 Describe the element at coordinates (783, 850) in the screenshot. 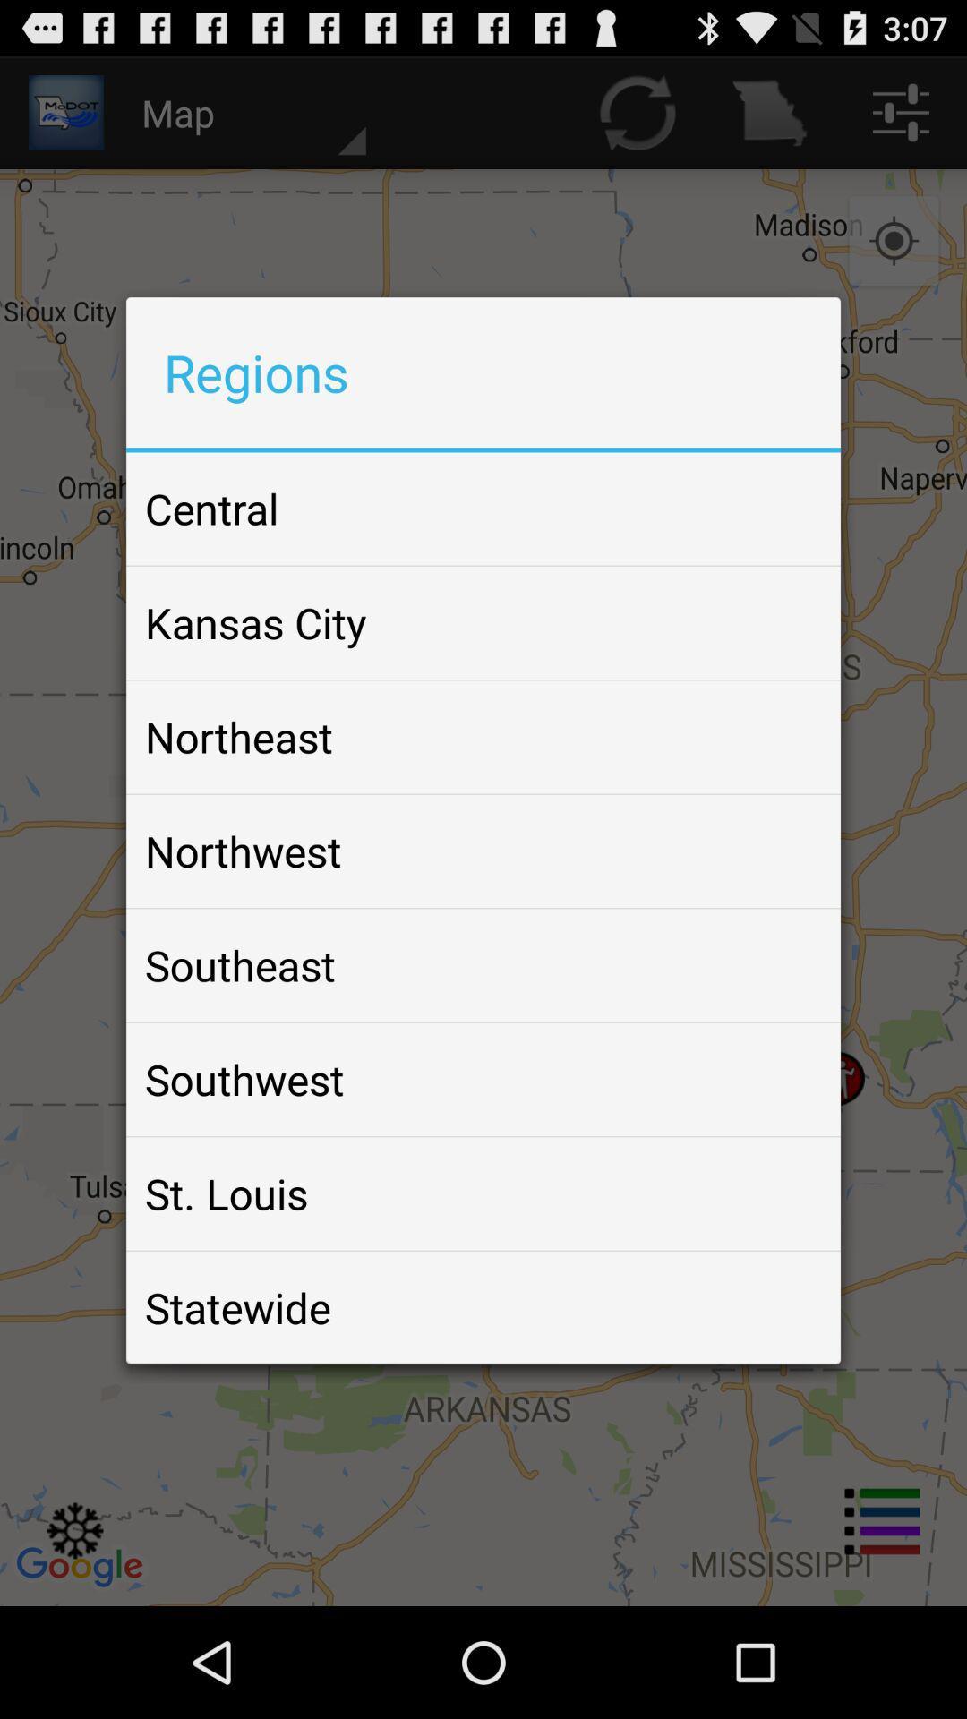

I see `the app next to the northwest` at that location.